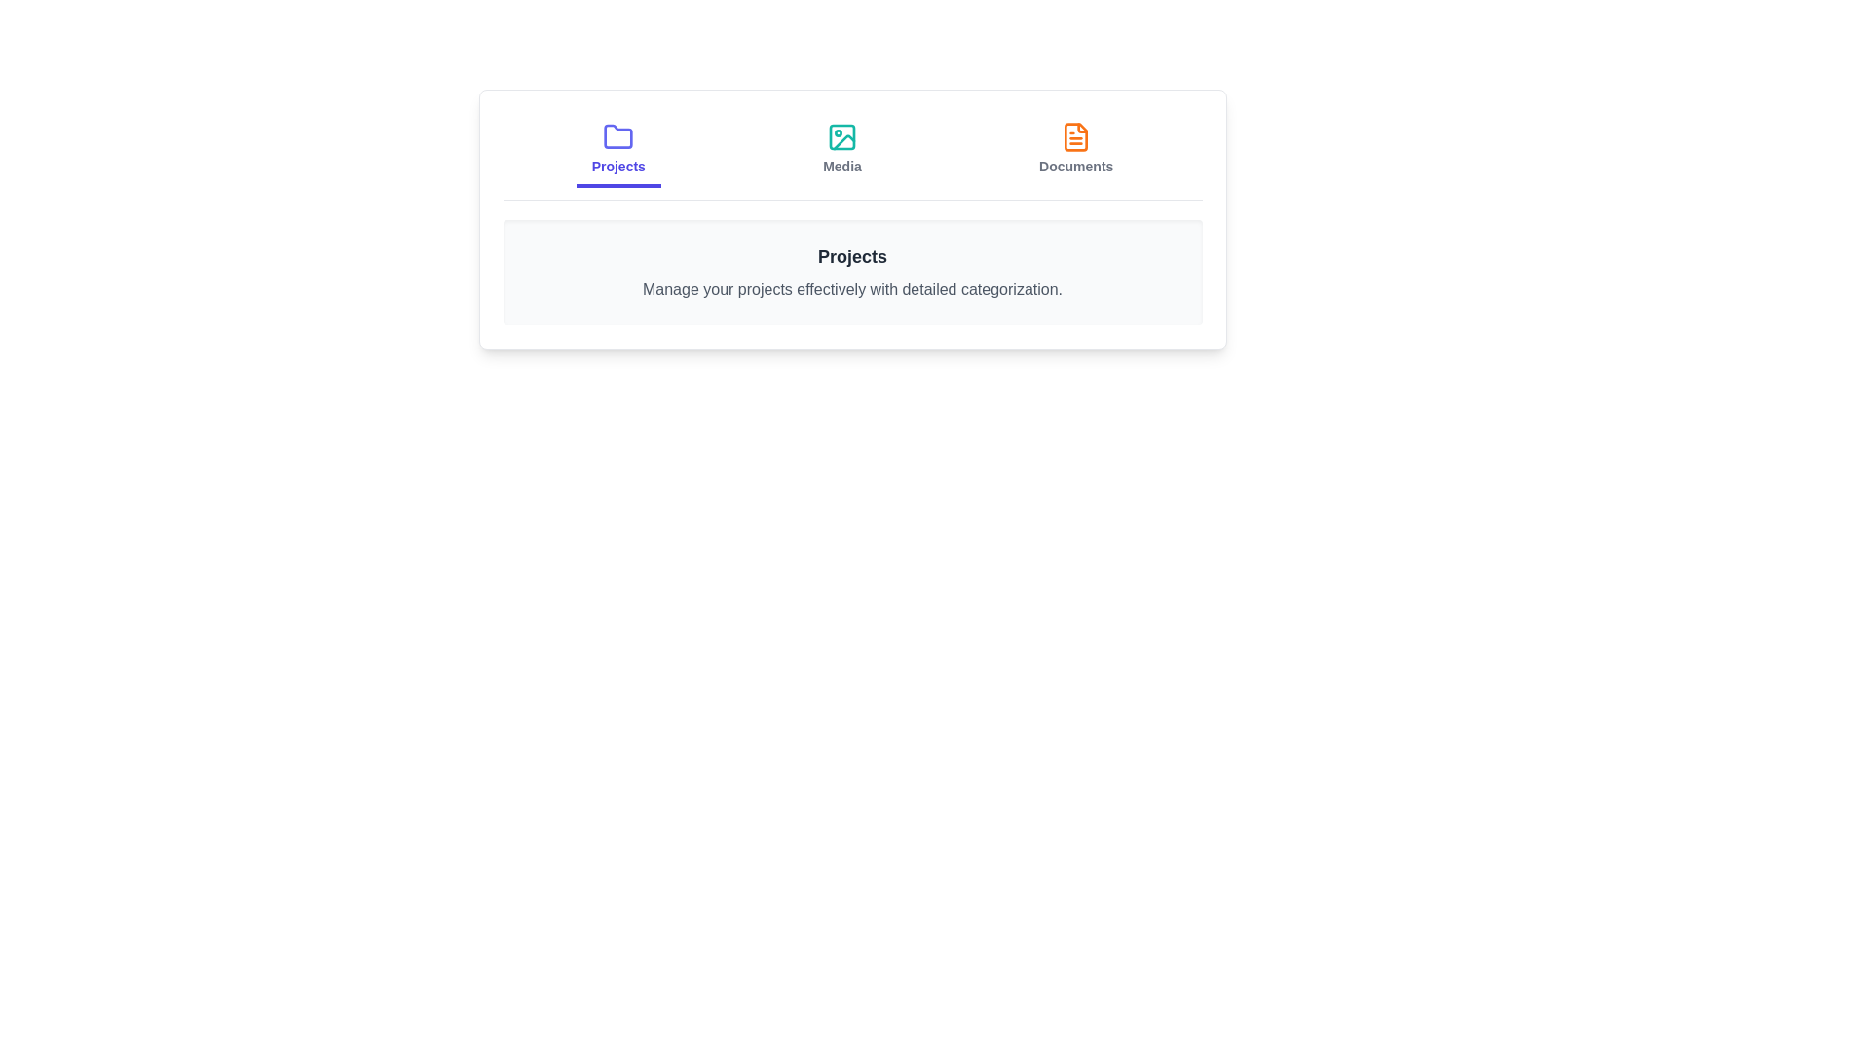 This screenshot has width=1870, height=1052. I want to click on the Media tab by clicking on it, so click(841, 149).